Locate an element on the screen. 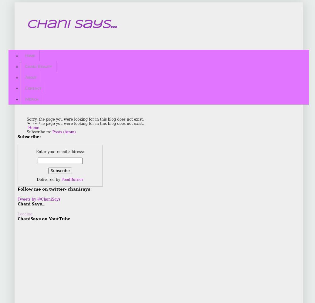 The height and width of the screenshot is (303, 315). 'Merch' is located at coordinates (32, 98).